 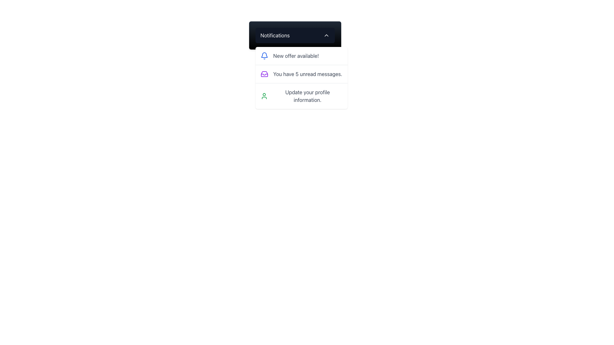 What do you see at coordinates (301, 55) in the screenshot?
I see `to select the notification item that displays the text 'New offer available!' located at the top of the notifications list` at bounding box center [301, 55].